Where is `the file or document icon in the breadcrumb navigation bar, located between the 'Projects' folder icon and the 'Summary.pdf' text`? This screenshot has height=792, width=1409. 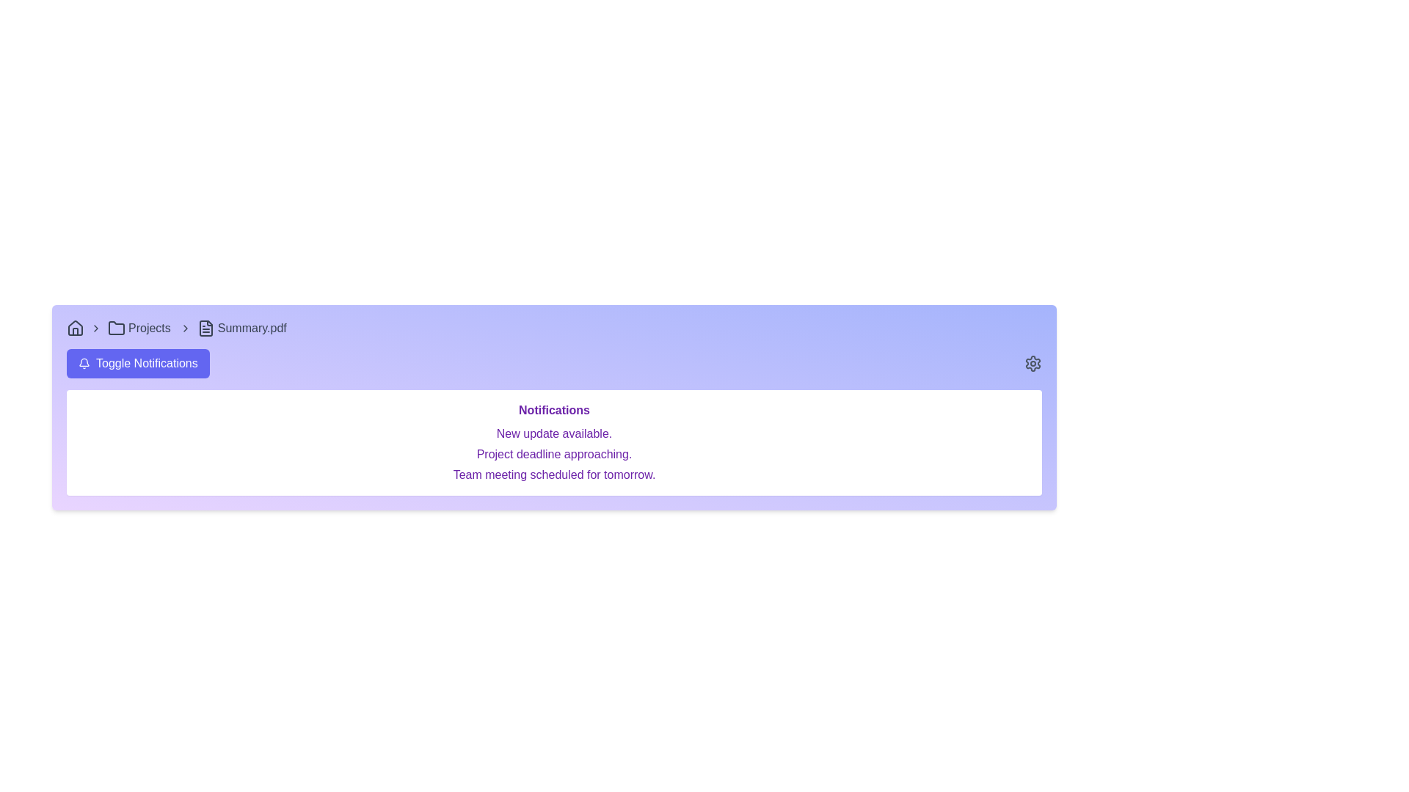
the file or document icon in the breadcrumb navigation bar, located between the 'Projects' folder icon and the 'Summary.pdf' text is located at coordinates (205, 327).